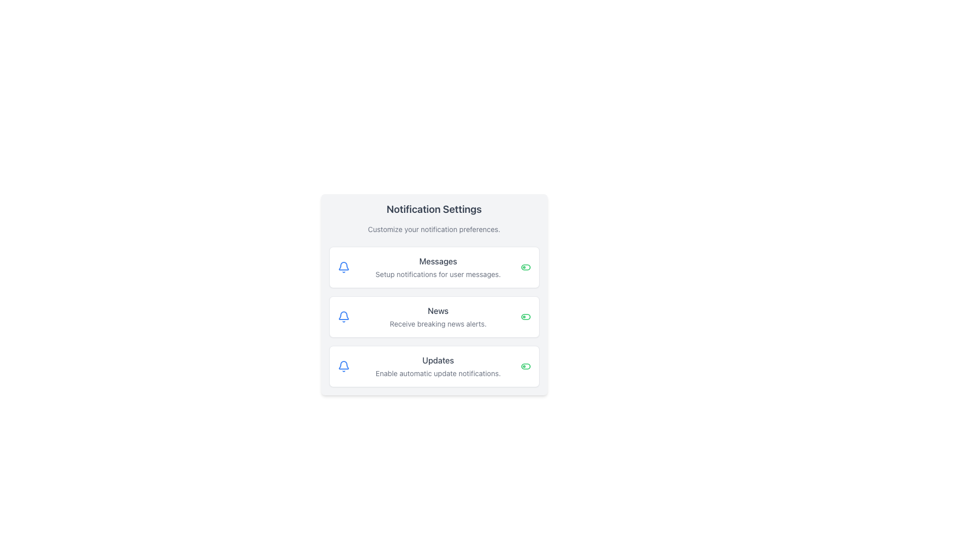 The height and width of the screenshot is (546, 971). What do you see at coordinates (434, 208) in the screenshot?
I see `the static text label 'Notification Settings' that is styled with a bold font in dark gray, positioned at the top of a card-like section with a light gray background` at bounding box center [434, 208].